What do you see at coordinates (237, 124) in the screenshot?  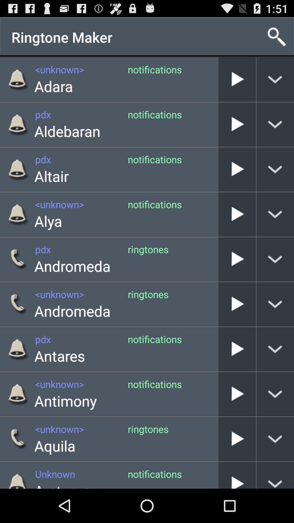 I see `second pause button from top` at bounding box center [237, 124].